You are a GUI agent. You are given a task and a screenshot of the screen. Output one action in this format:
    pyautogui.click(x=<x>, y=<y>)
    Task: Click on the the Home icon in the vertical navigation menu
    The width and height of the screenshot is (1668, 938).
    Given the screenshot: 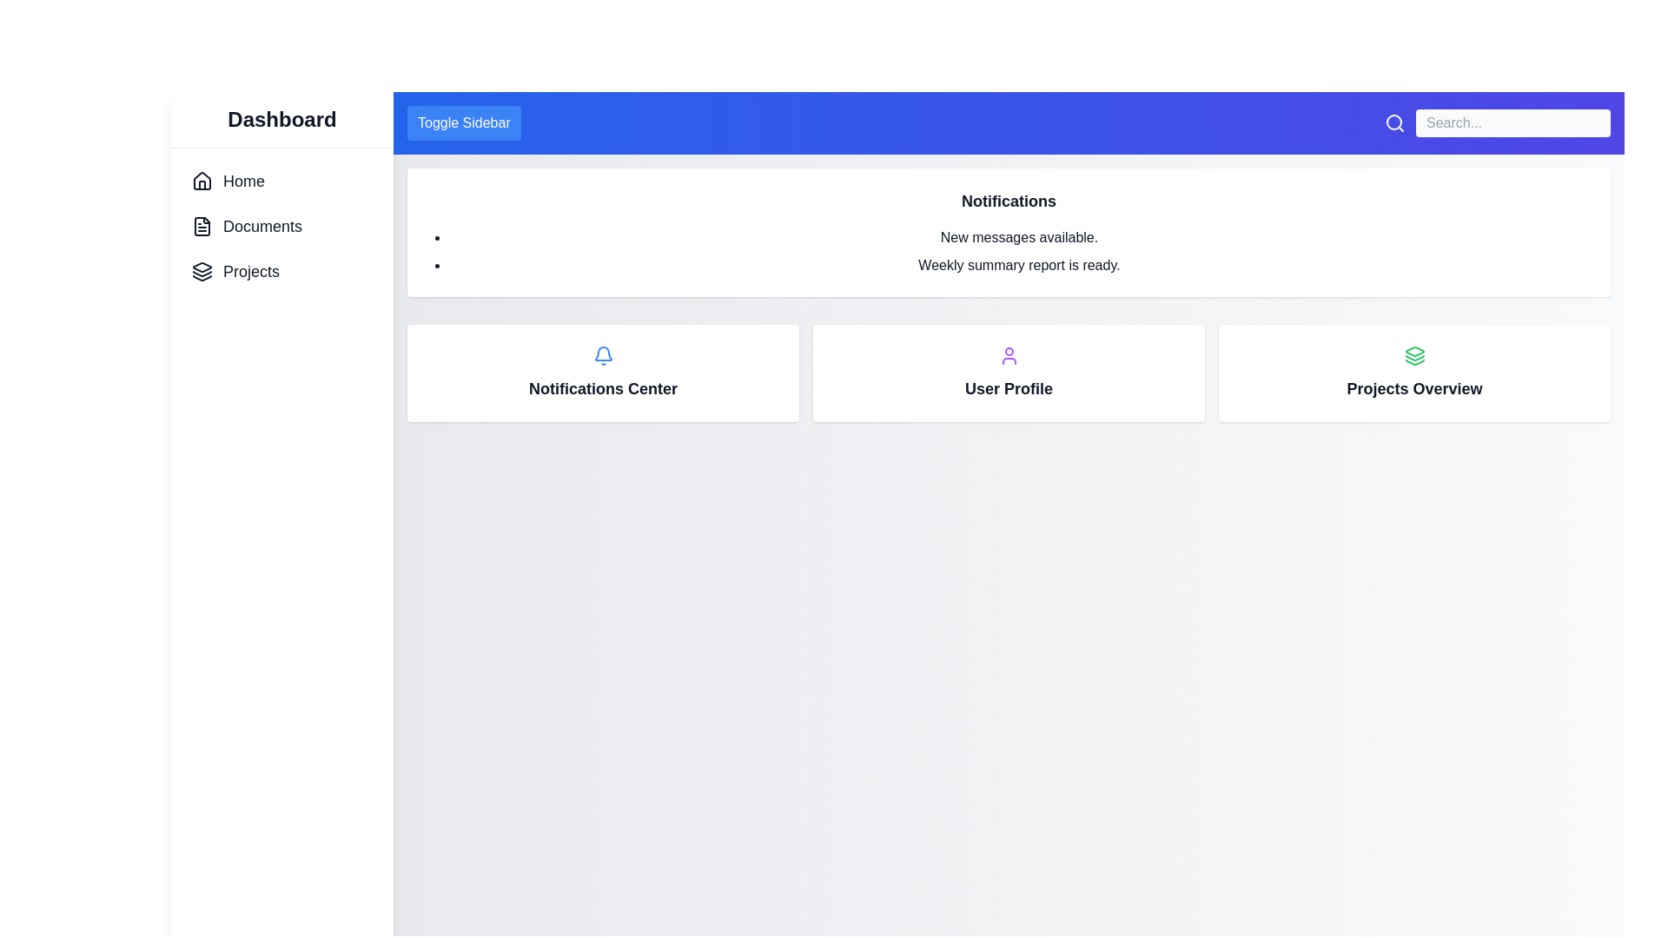 What is the action you would take?
    pyautogui.click(x=202, y=181)
    